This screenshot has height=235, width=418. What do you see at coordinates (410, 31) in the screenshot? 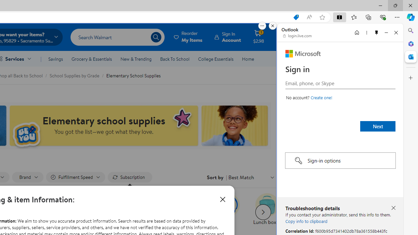
I see `'Close Search pane'` at bounding box center [410, 31].